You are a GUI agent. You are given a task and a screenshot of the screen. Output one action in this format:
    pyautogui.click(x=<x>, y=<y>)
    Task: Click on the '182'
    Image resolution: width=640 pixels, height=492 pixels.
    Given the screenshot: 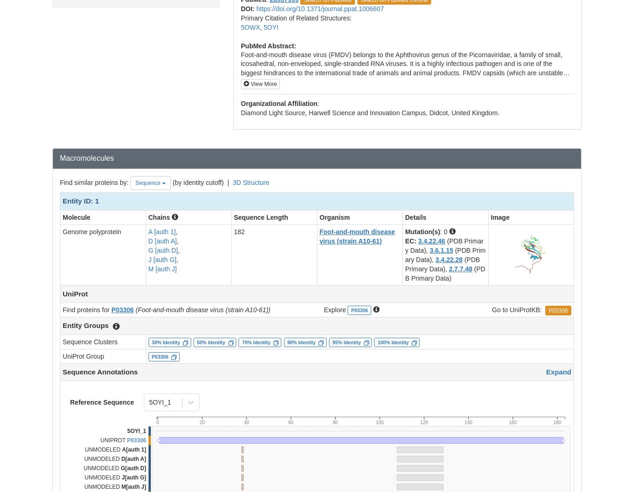 What is the action you would take?
    pyautogui.click(x=239, y=231)
    